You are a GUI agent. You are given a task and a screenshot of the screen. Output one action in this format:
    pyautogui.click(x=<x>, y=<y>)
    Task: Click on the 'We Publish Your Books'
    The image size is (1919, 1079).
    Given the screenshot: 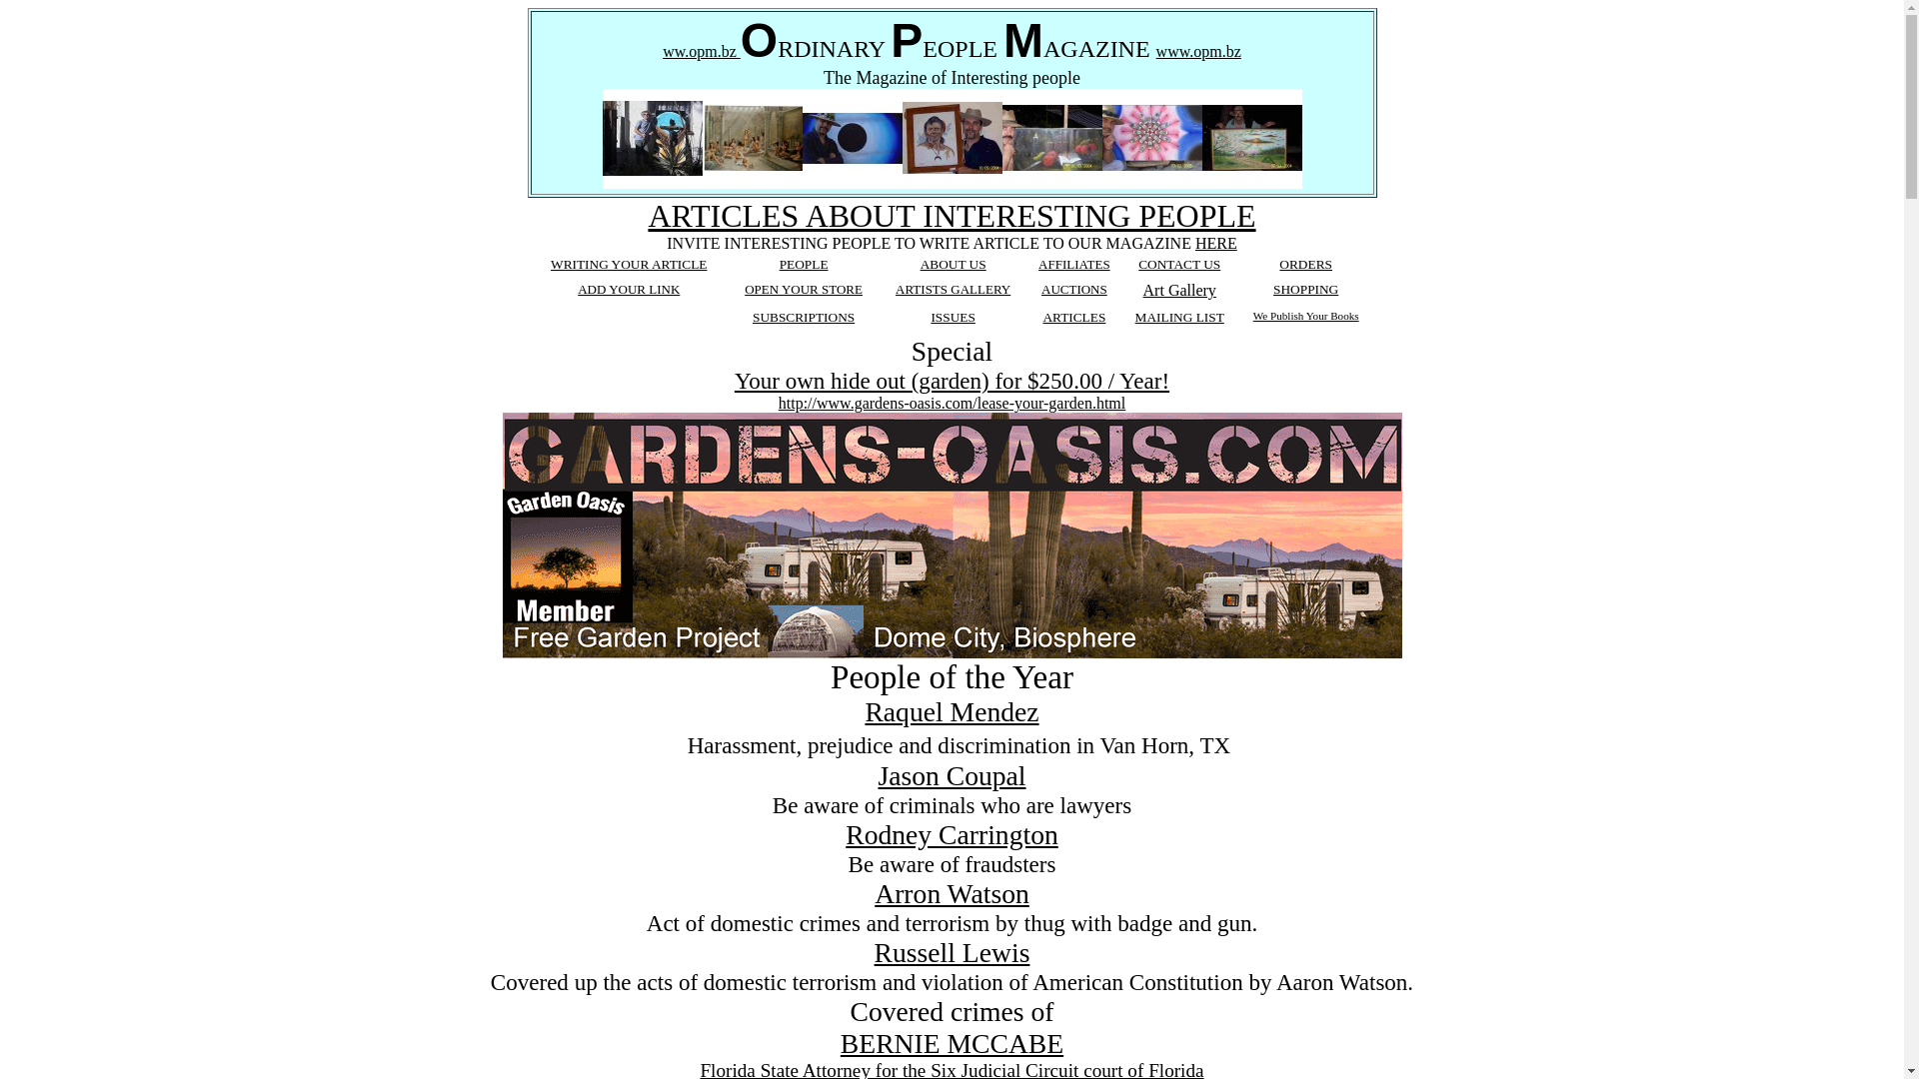 What is the action you would take?
    pyautogui.click(x=1251, y=315)
    